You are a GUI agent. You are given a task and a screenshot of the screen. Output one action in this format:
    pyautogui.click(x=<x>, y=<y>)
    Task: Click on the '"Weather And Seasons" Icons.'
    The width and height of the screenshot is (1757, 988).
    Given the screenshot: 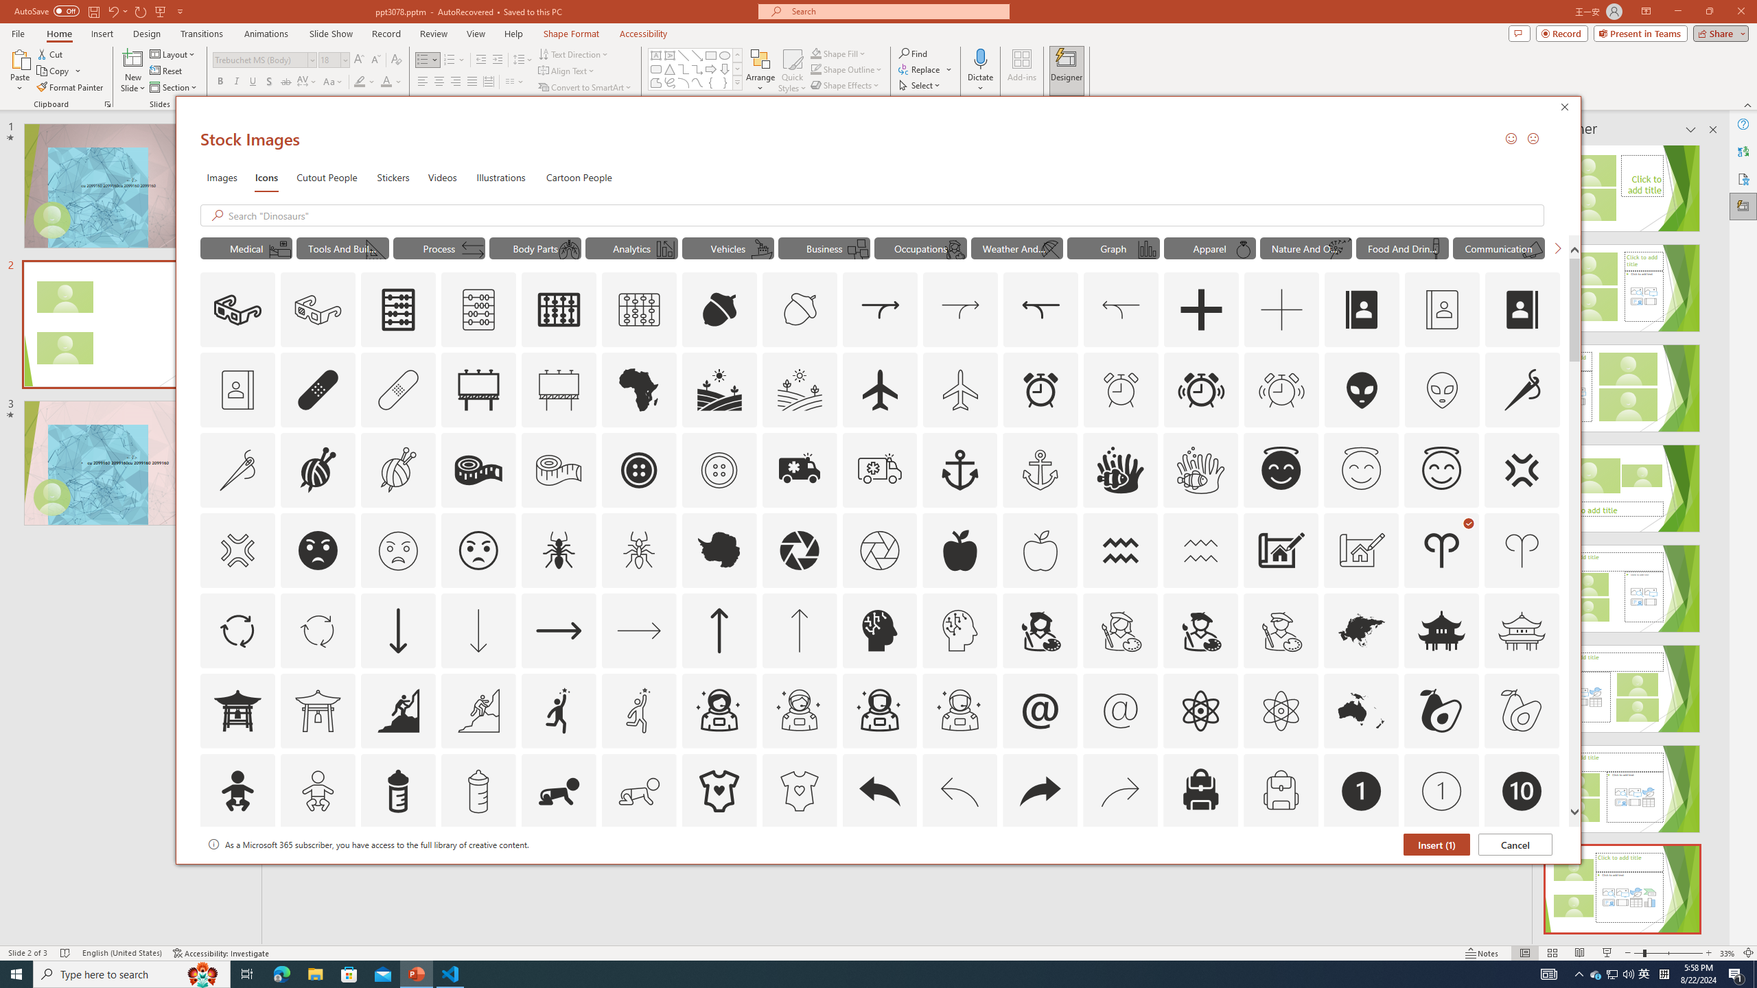 What is the action you would take?
    pyautogui.click(x=1016, y=247)
    